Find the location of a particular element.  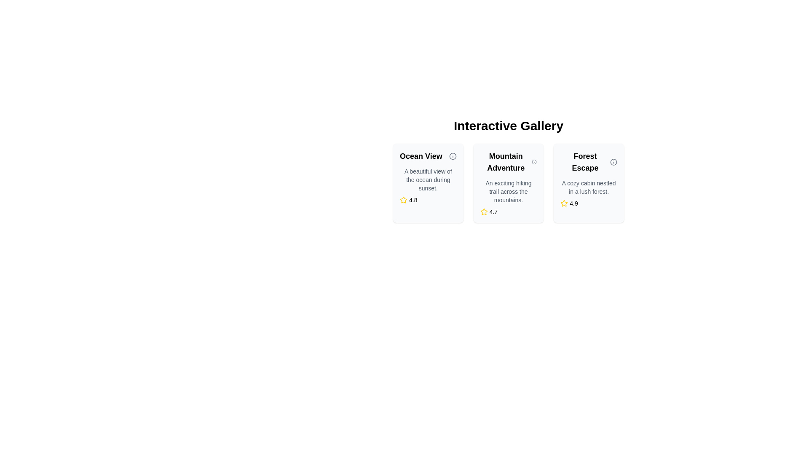

the text block displaying 'A beautiful view of the ocean during sunset.' within the 'Ocean View' card is located at coordinates (428, 179).